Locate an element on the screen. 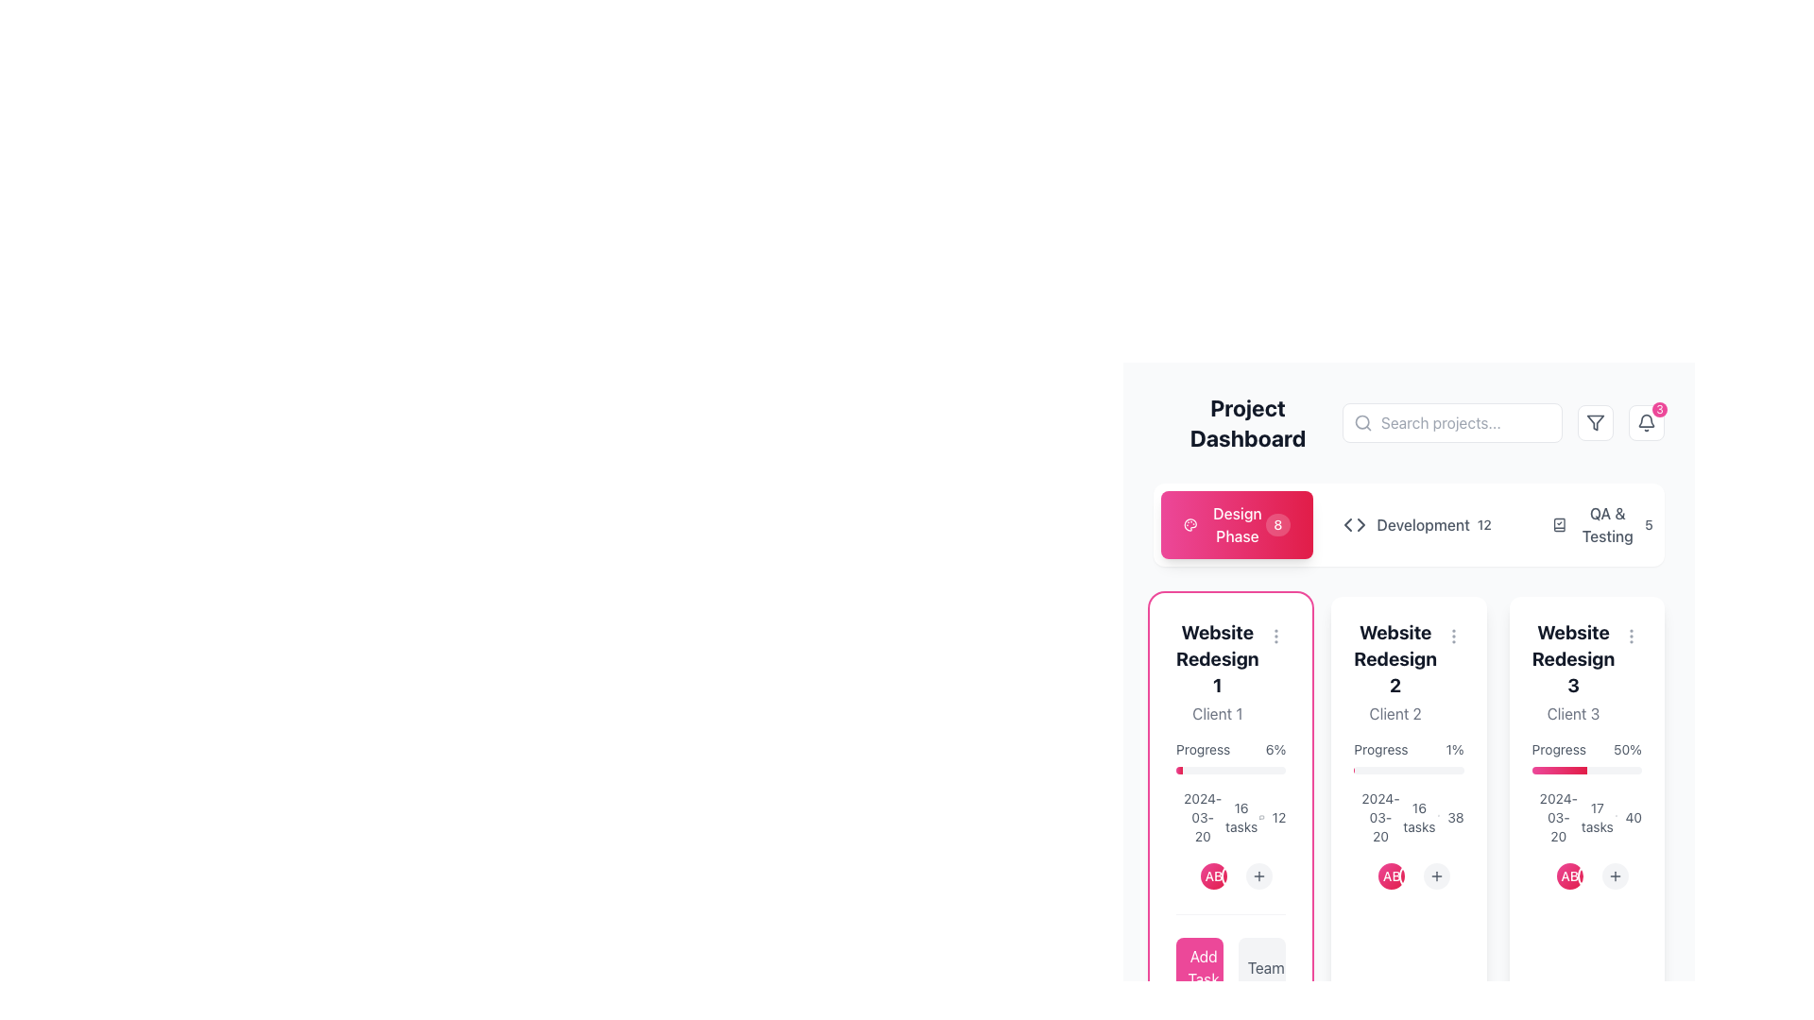 The height and width of the screenshot is (1020, 1814). the clock icon element in the 'Website Redesign 2' card, which indicates time-related data is located at coordinates (1407, 821).